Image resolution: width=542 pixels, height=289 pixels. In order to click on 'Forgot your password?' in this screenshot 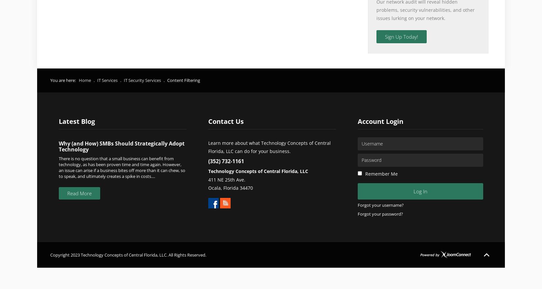, I will do `click(380, 214)`.